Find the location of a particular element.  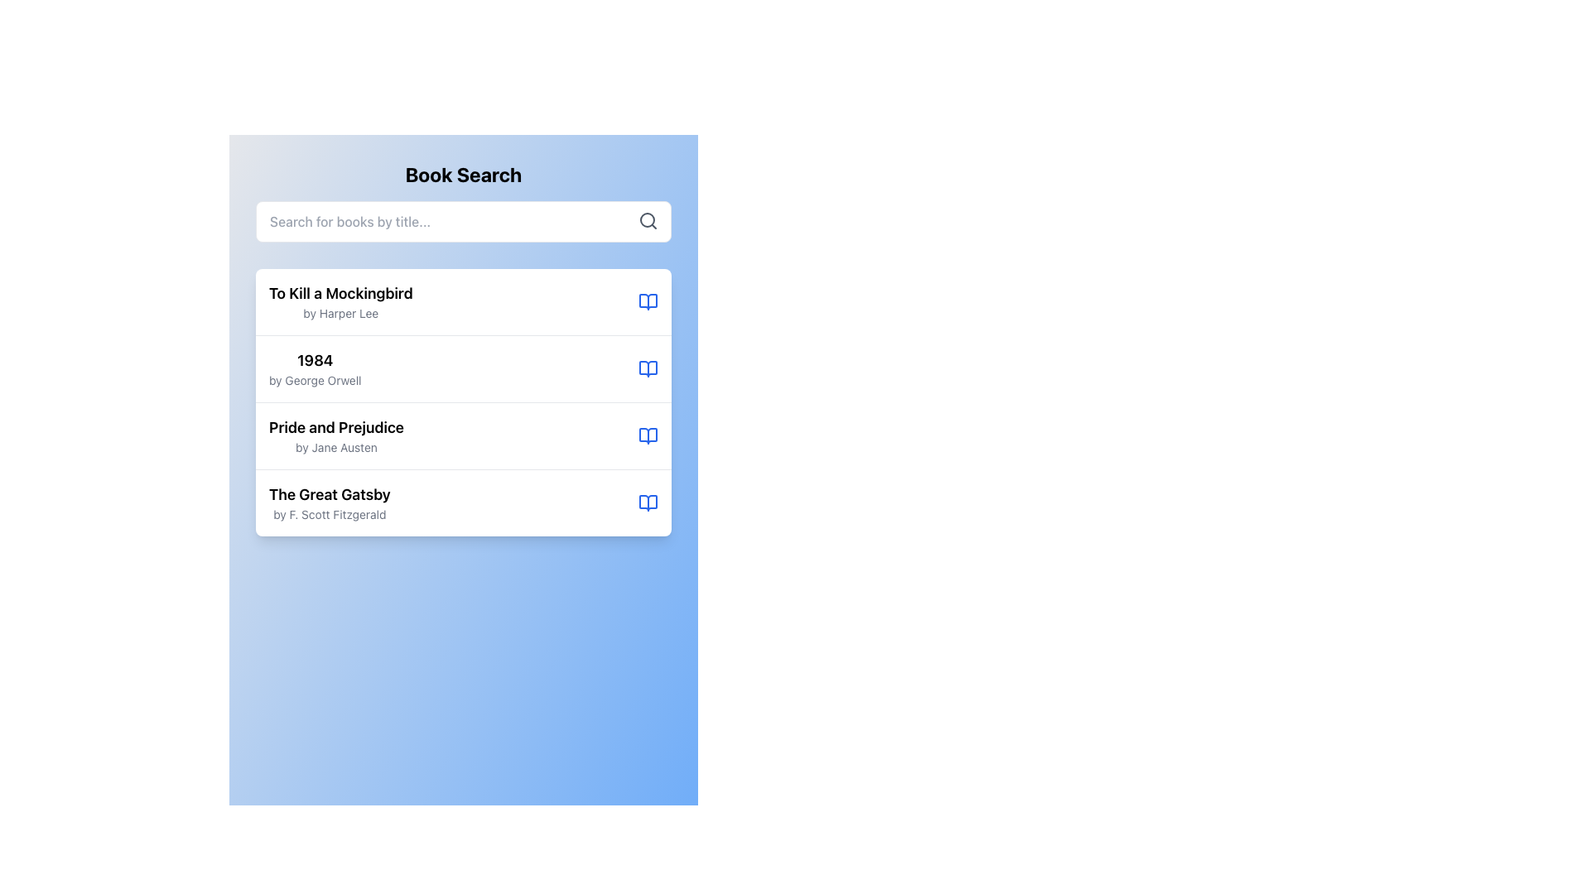

the magnifying glass icon in the top-right corner of the search input field to initiate a search is located at coordinates (647, 219).